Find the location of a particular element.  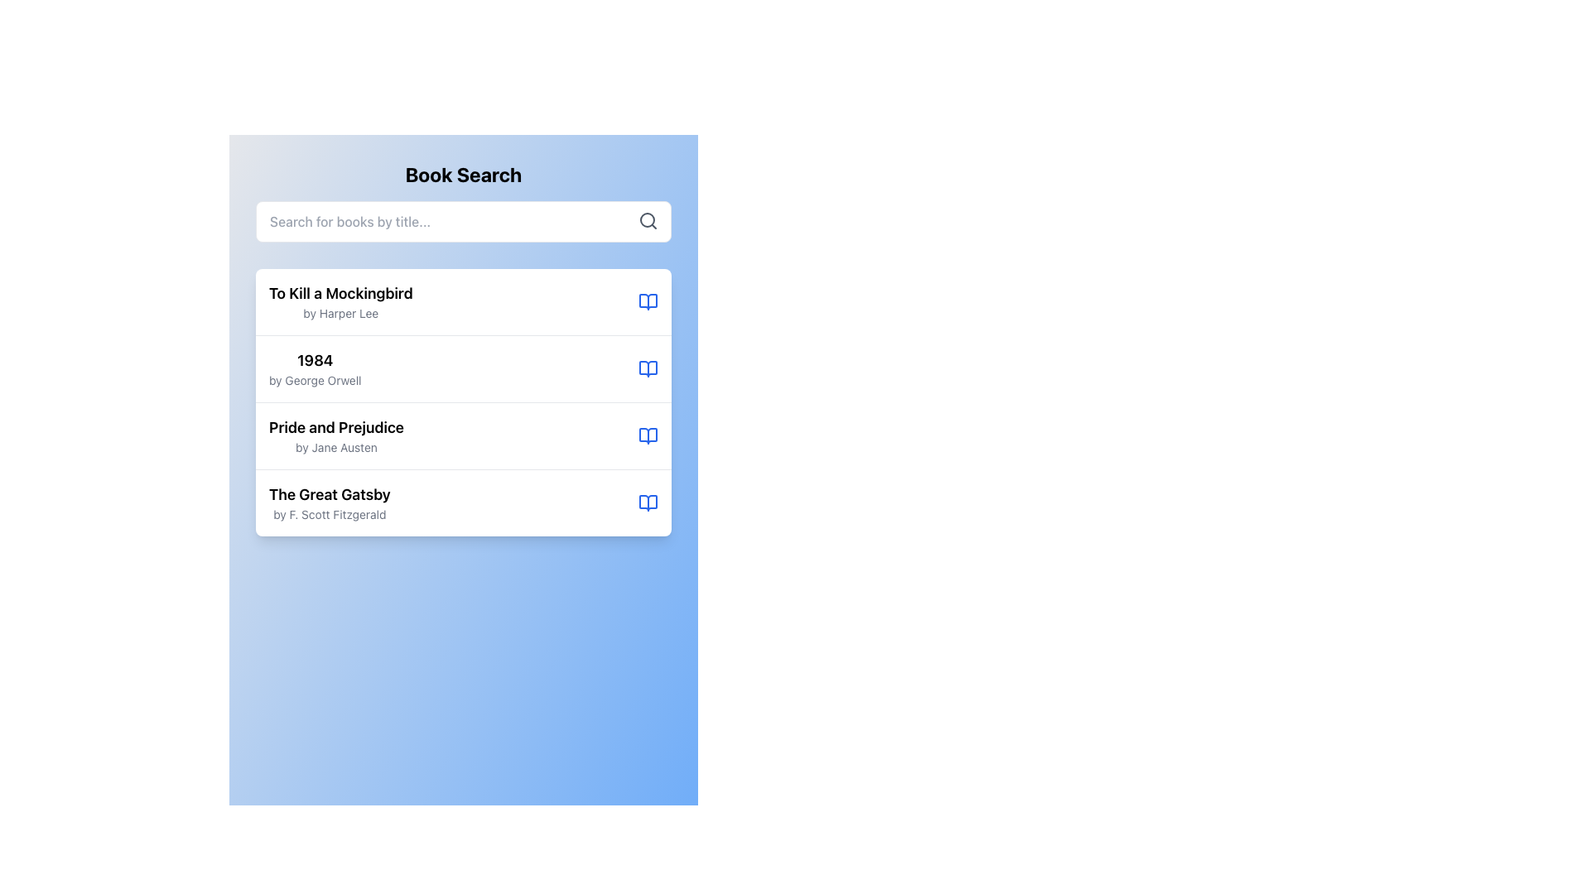

the magnifying glass icon in the top-right corner of the search input field to initiate a search is located at coordinates (647, 219).